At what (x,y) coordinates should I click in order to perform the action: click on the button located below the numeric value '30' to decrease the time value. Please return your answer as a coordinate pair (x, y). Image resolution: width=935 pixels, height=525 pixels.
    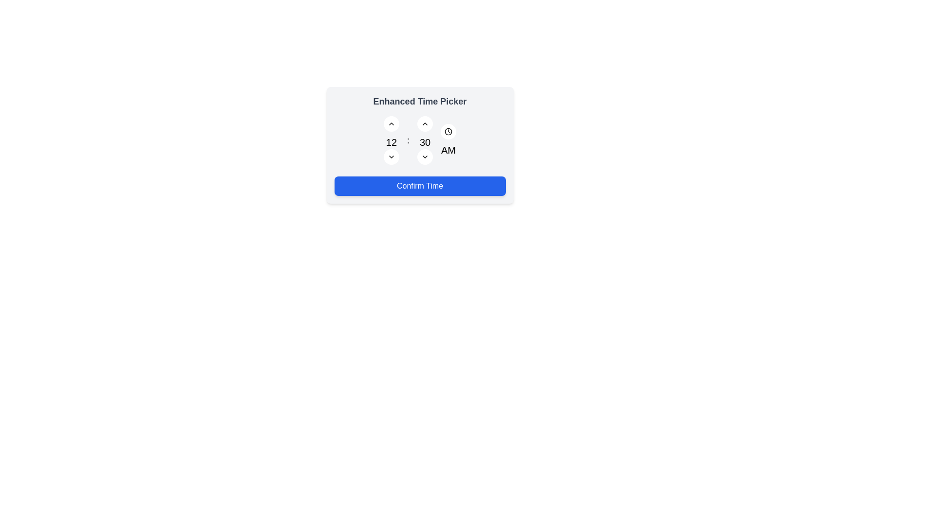
    Looking at the image, I should click on (425, 157).